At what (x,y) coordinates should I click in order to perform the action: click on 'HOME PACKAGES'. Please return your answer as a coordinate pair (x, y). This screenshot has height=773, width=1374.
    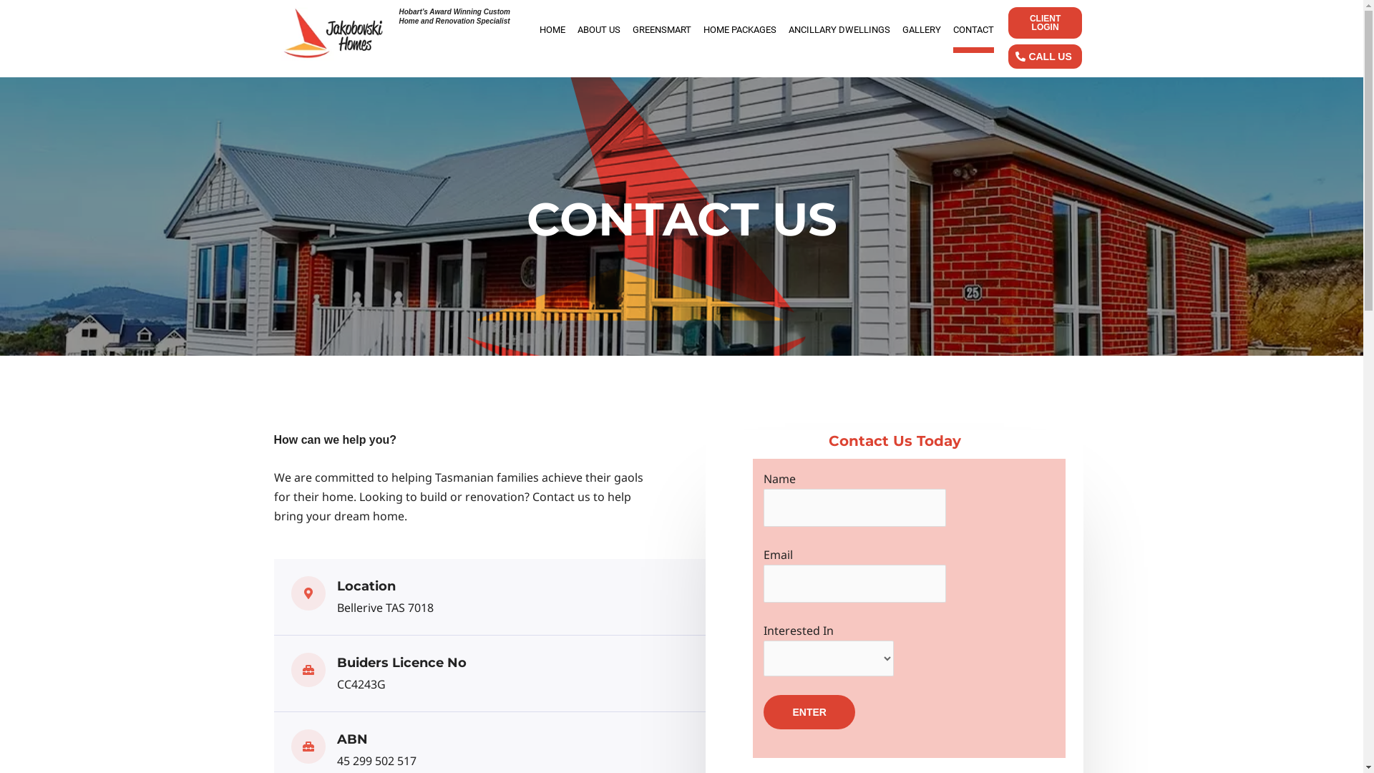
    Looking at the image, I should click on (739, 30).